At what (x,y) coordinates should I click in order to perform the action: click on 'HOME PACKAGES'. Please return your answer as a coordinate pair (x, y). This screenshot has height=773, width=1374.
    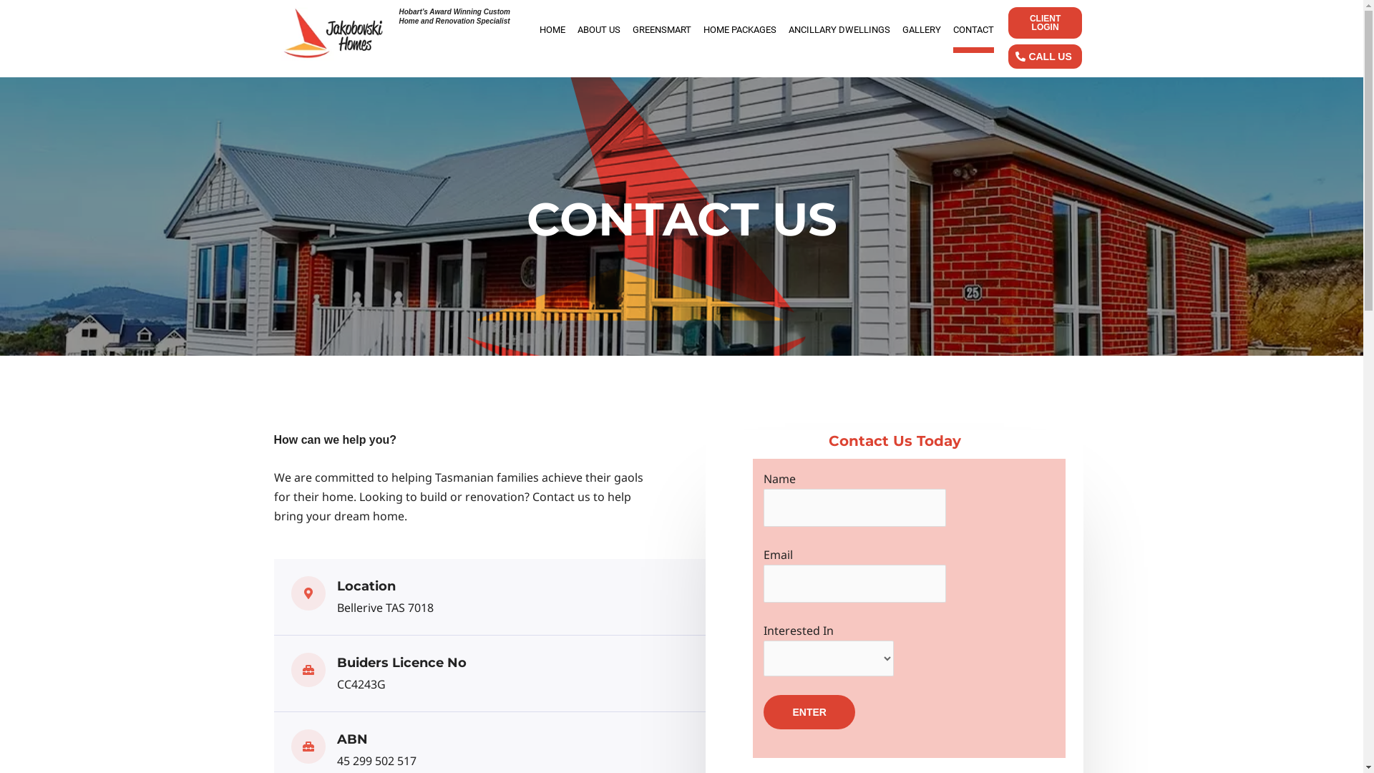
    Looking at the image, I should click on (739, 30).